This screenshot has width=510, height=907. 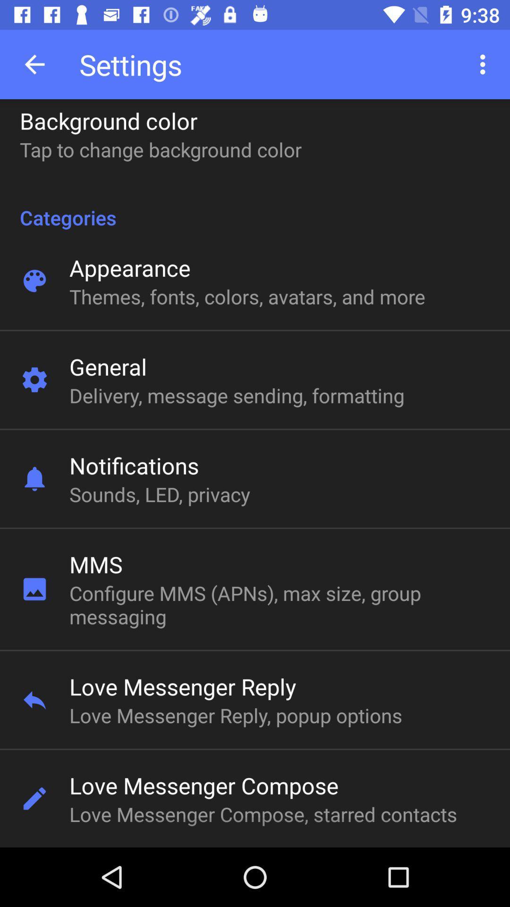 I want to click on item to the left of settings icon, so click(x=34, y=64).